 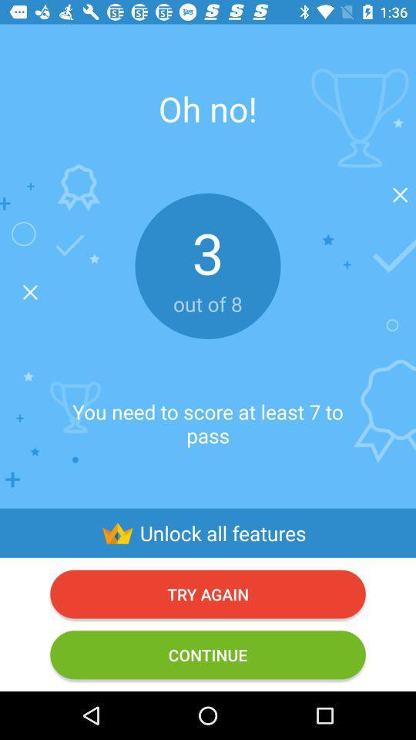 What do you see at coordinates (208, 593) in the screenshot?
I see `try again` at bounding box center [208, 593].